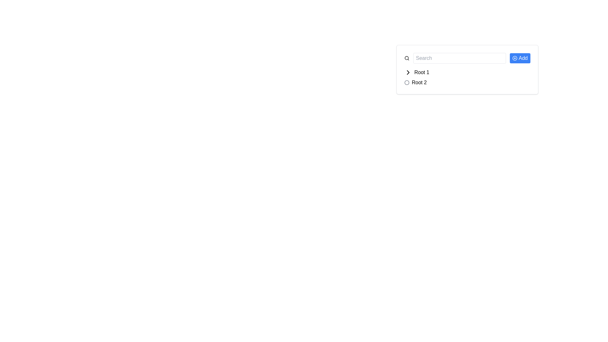  I want to click on the Chevron right arrow icon, so click(408, 72).